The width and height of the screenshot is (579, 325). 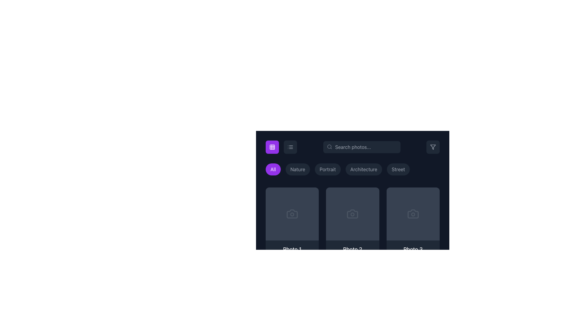 I want to click on the icon with a purple background in the top-left section of the interface, so click(x=272, y=147).